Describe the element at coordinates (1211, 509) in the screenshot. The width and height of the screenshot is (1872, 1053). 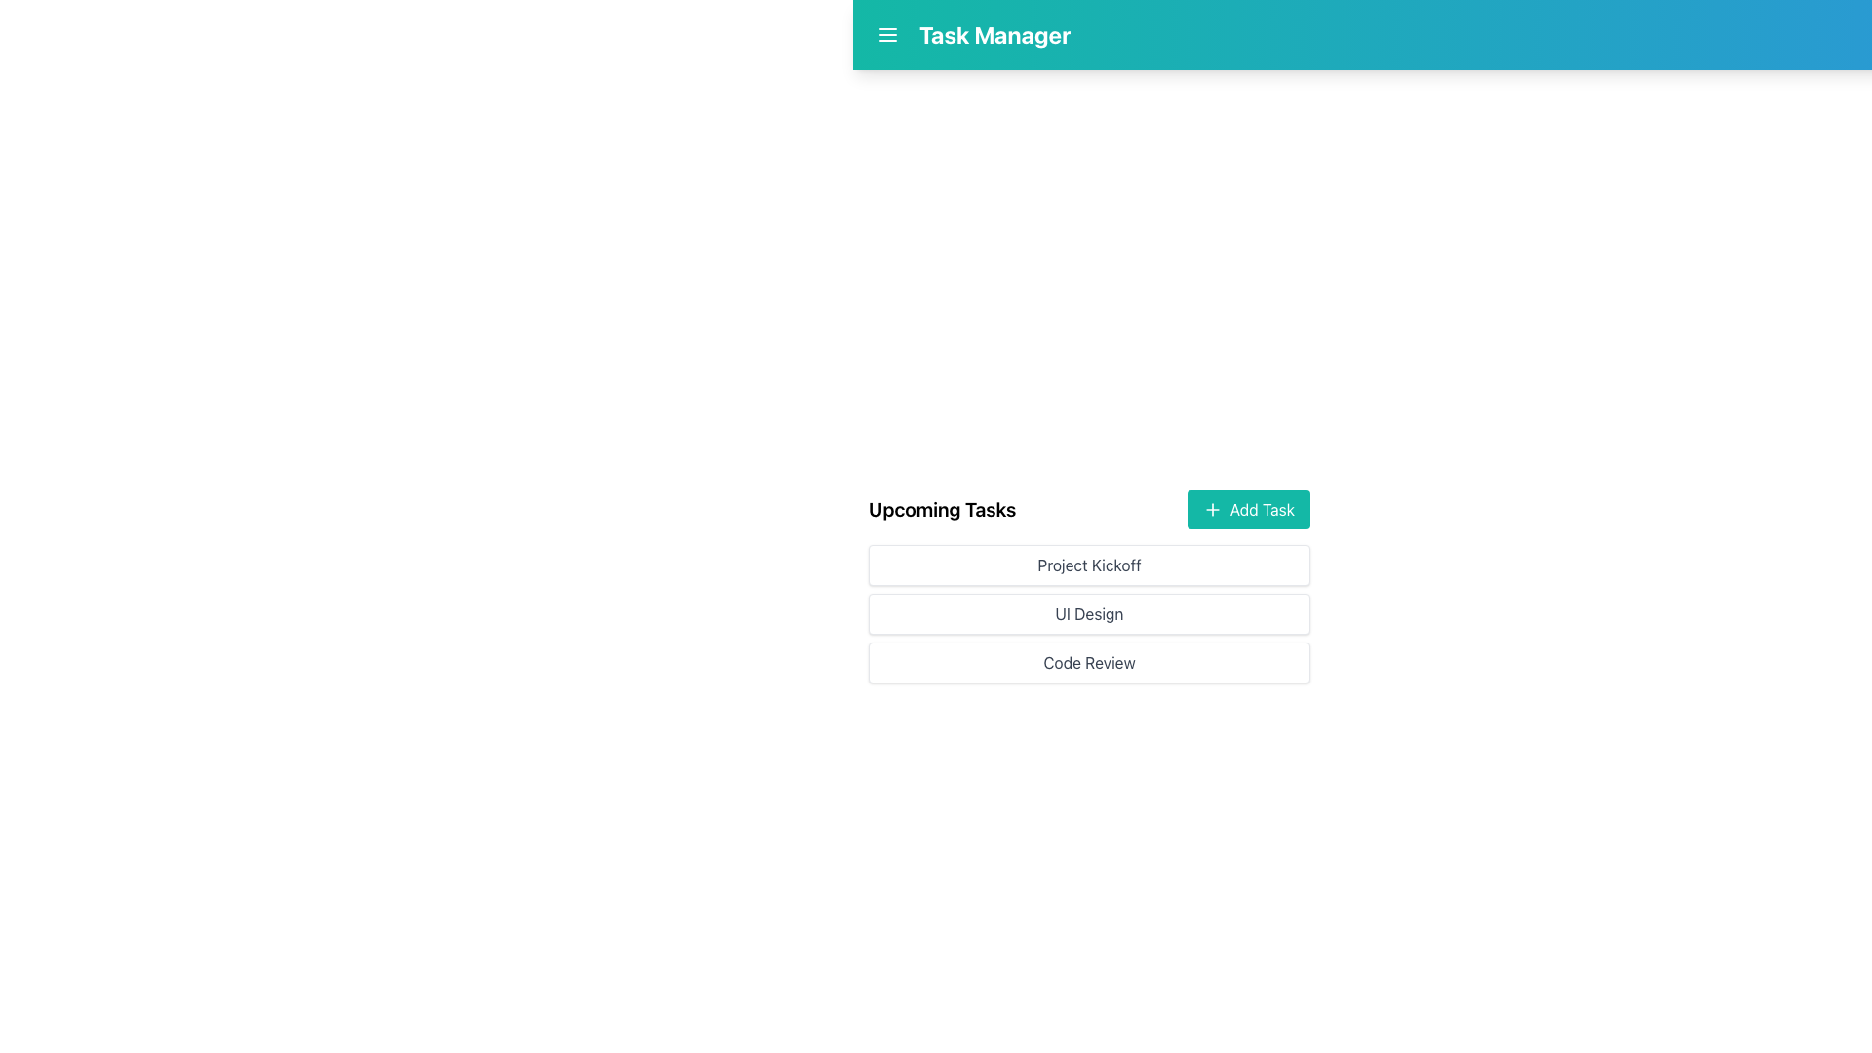
I see `the plus sign icon with a teal color, located to the left of the 'Add Task' text within the button, positioned below the header and aligned with the 'Upcoming Tasks' section` at that location.